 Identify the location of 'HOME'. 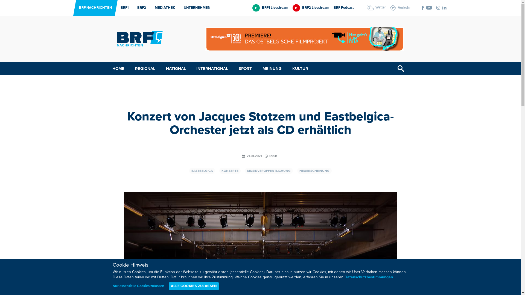
(110, 68).